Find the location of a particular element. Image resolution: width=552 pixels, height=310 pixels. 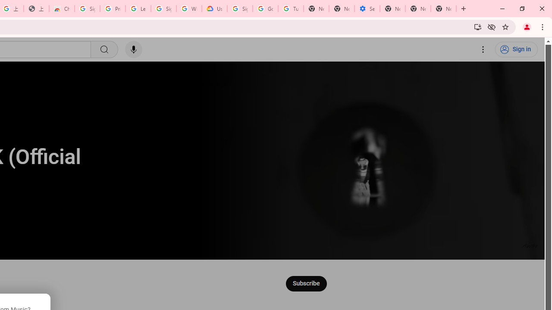

'Channel watermark' is located at coordinates (530, 245).